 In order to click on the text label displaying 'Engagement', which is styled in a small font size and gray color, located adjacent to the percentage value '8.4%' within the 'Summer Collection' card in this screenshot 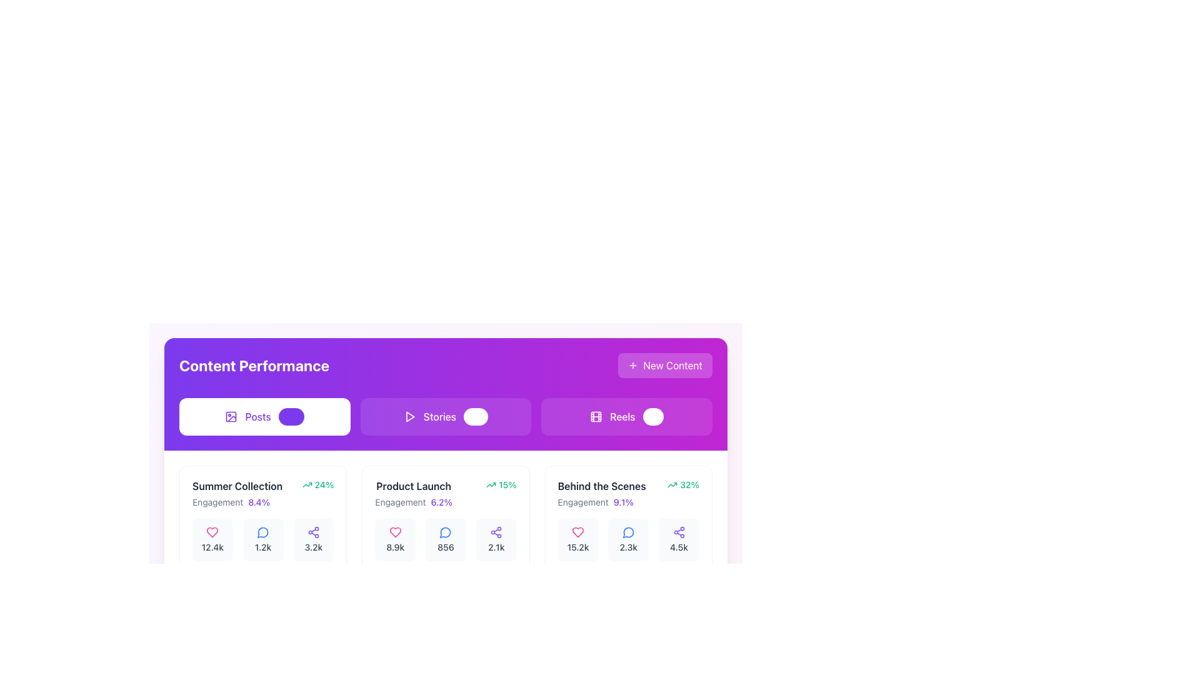, I will do `click(217, 501)`.